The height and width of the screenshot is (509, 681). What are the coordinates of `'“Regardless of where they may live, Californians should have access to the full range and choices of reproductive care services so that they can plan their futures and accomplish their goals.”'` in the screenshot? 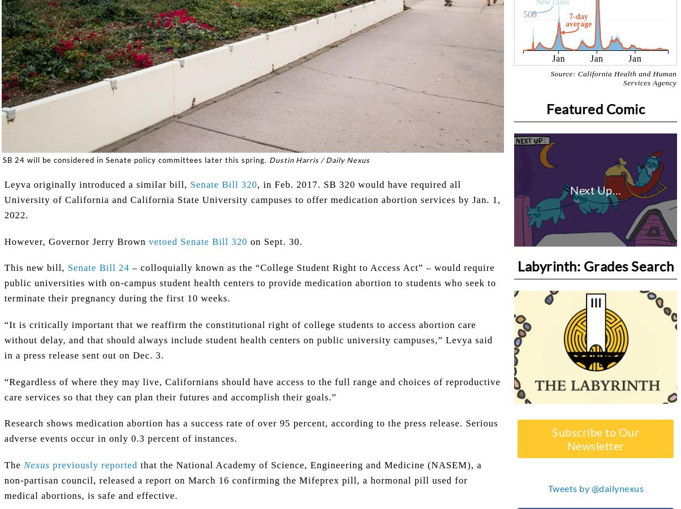 It's located at (252, 388).